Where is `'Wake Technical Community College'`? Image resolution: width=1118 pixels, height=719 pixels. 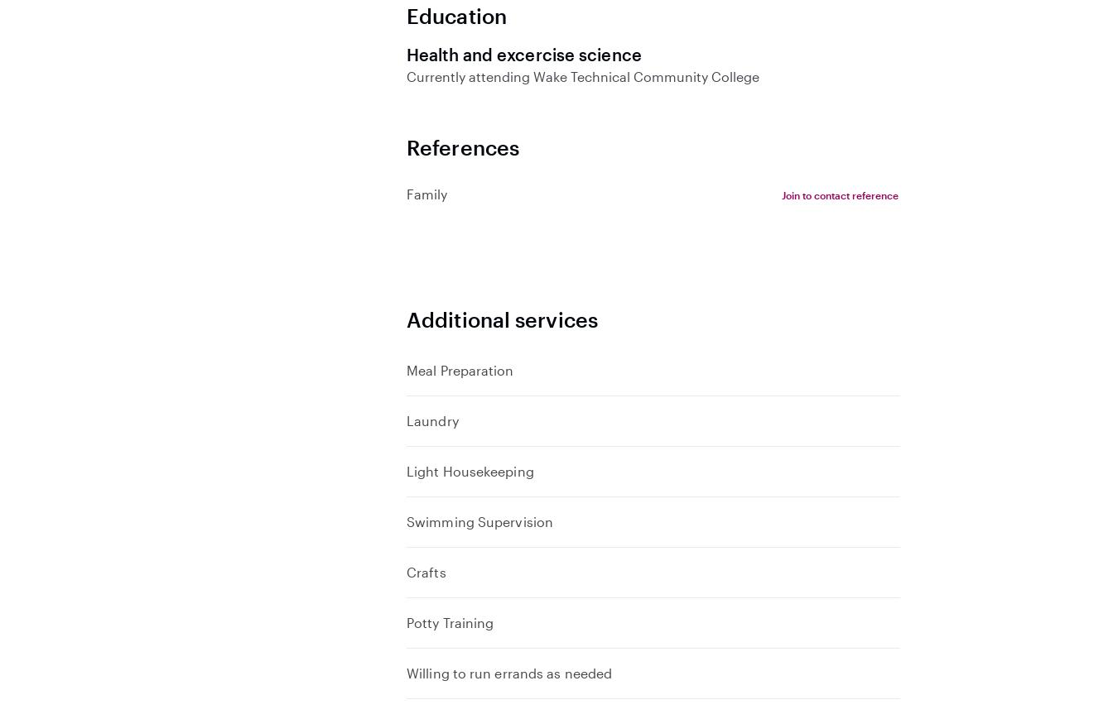 'Wake Technical Community College' is located at coordinates (530, 74).